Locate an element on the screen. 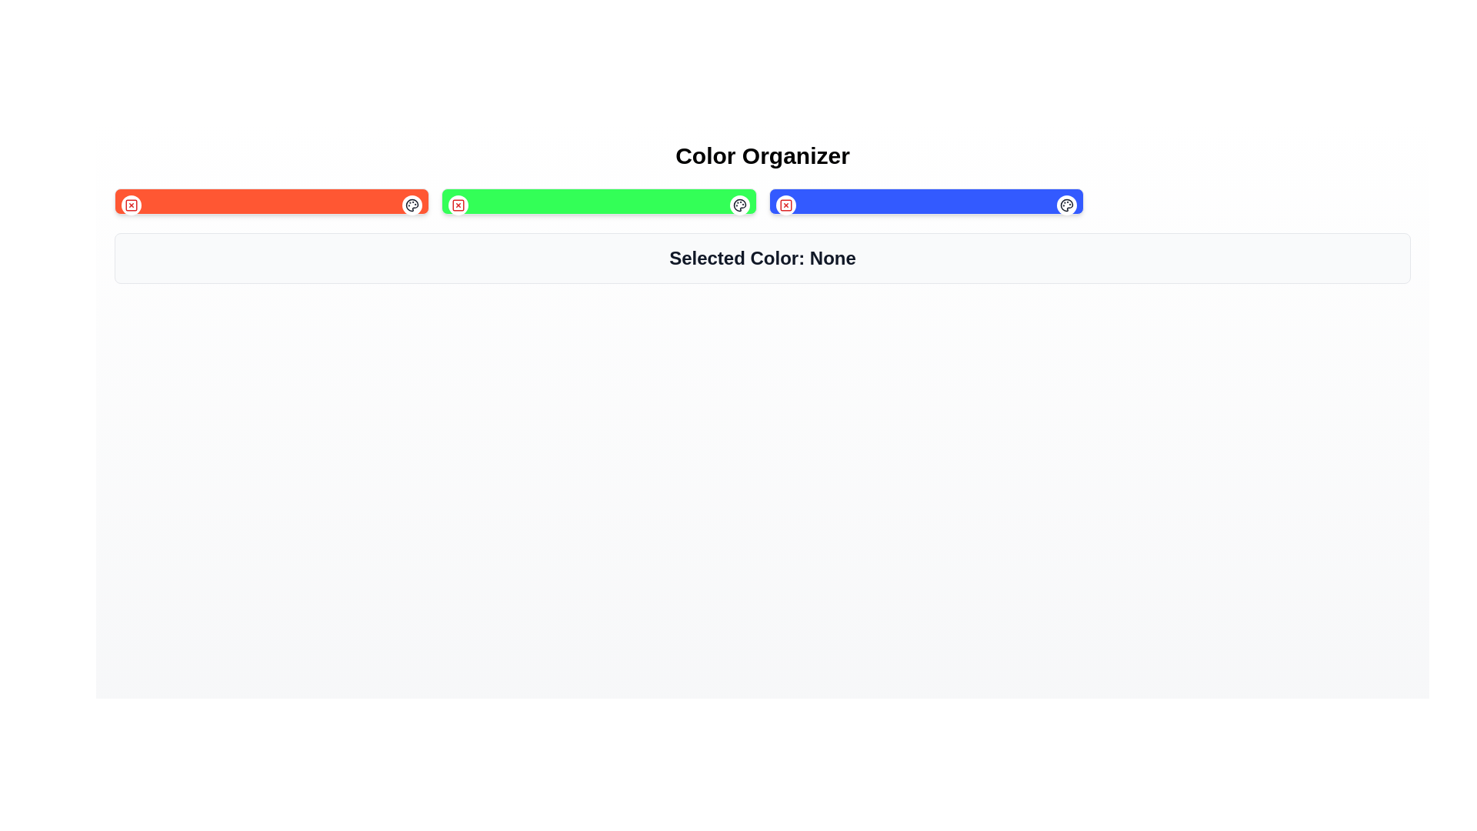 The width and height of the screenshot is (1477, 831). the circular button with a palette icon located at the top-right corner of the orange section is located at coordinates (412, 204).